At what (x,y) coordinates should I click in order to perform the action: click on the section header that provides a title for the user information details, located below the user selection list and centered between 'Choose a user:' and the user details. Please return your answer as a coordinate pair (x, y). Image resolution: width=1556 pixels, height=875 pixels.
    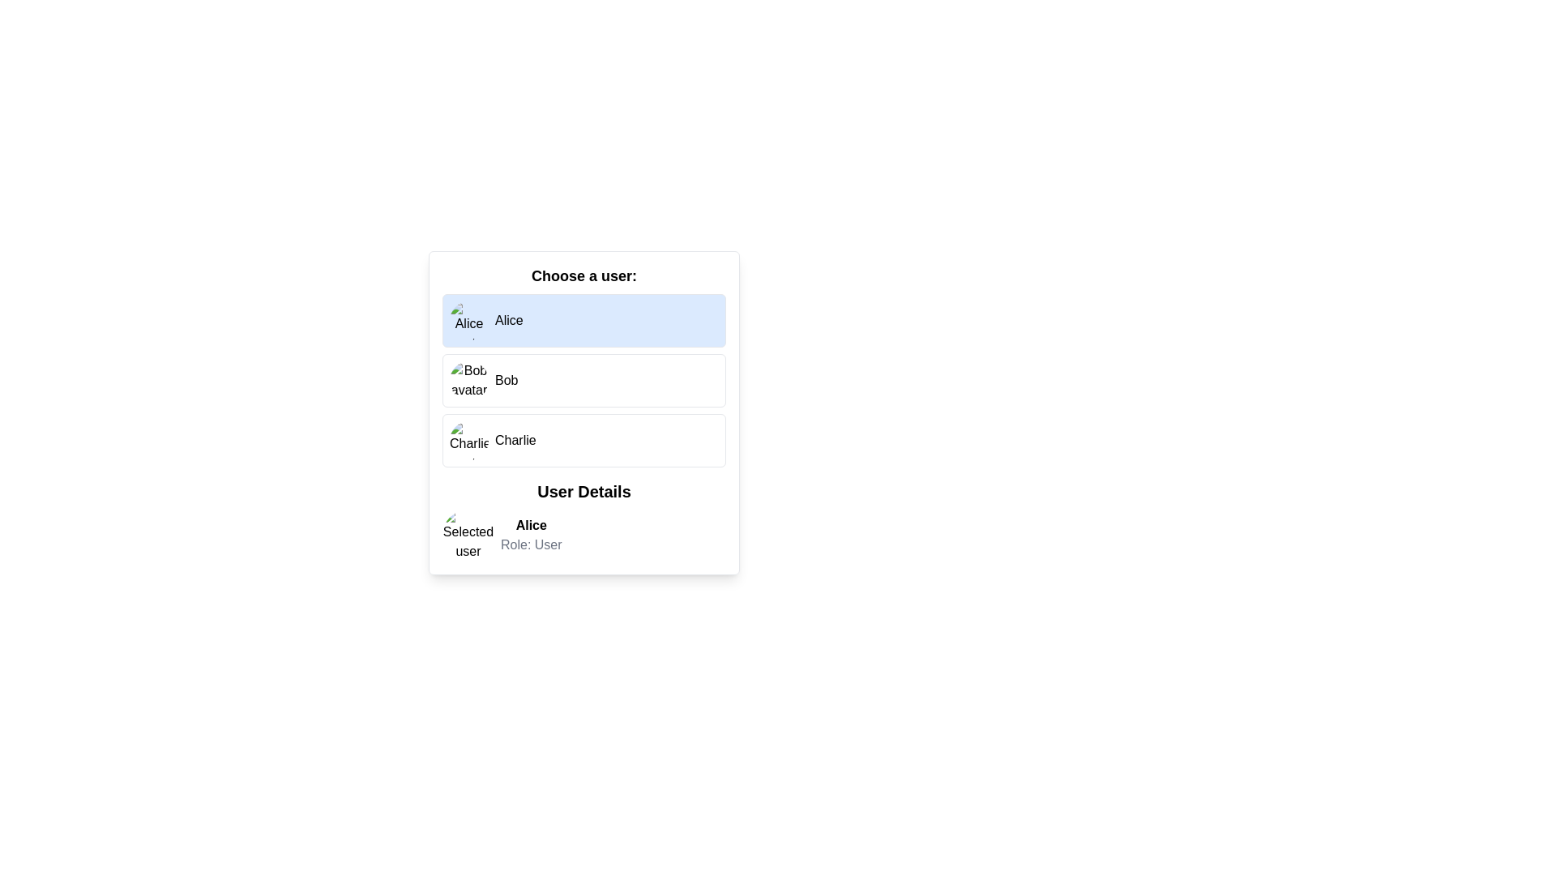
    Looking at the image, I should click on (583, 490).